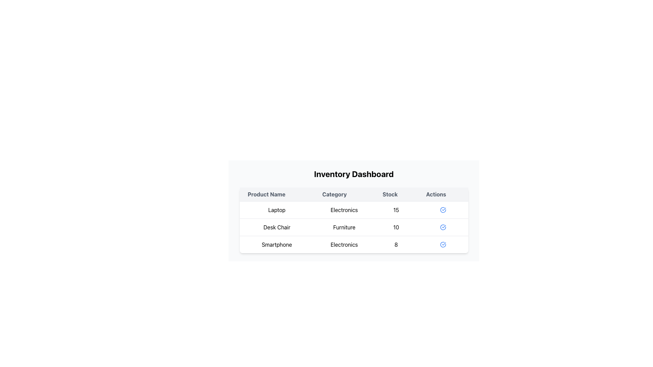  What do you see at coordinates (344, 227) in the screenshot?
I see `the text label displaying 'Furniture' in the 'Category' column of the row for the product 'Desk Chair'` at bounding box center [344, 227].